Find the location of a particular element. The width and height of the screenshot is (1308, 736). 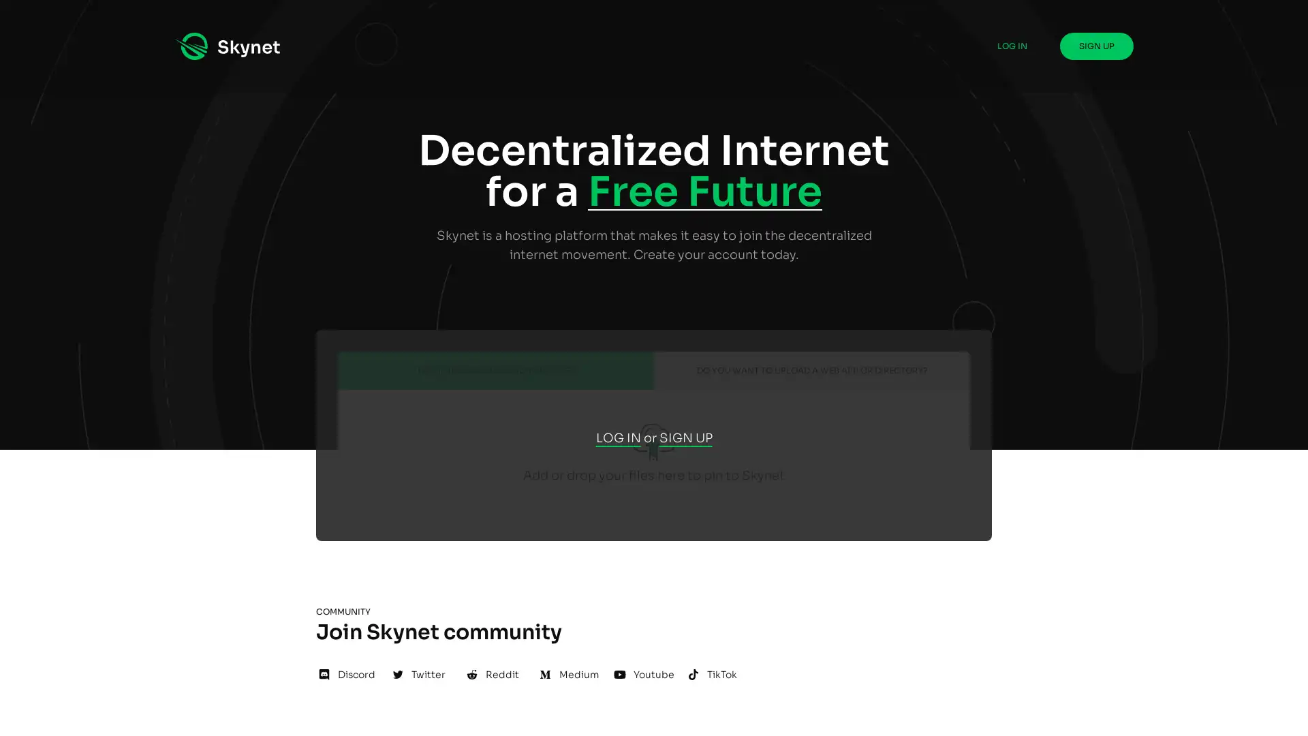

DO YOU WANT TO UPLOAD A WEB APP OR DIRECTORY? is located at coordinates (811, 370).